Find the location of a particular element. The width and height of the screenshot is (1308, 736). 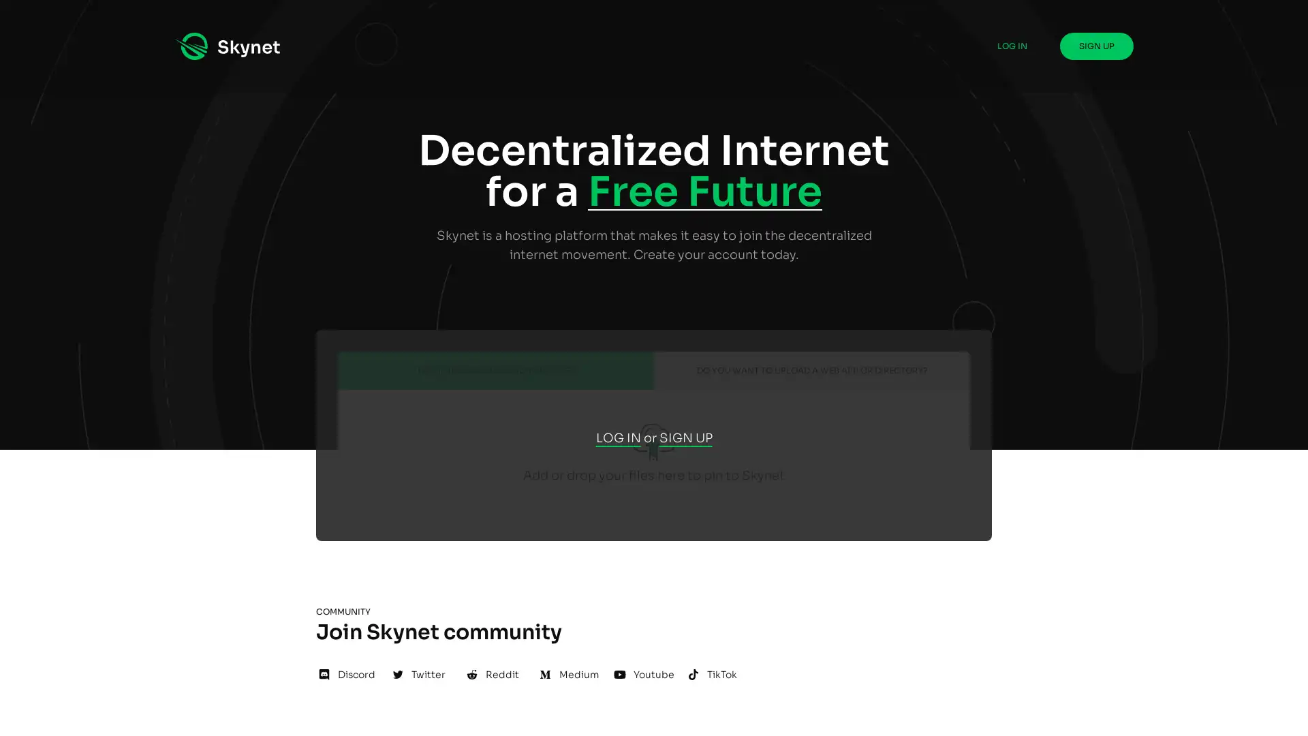

DO YOU WANT TO UPLOAD A WEB APP OR DIRECTORY? is located at coordinates (811, 370).